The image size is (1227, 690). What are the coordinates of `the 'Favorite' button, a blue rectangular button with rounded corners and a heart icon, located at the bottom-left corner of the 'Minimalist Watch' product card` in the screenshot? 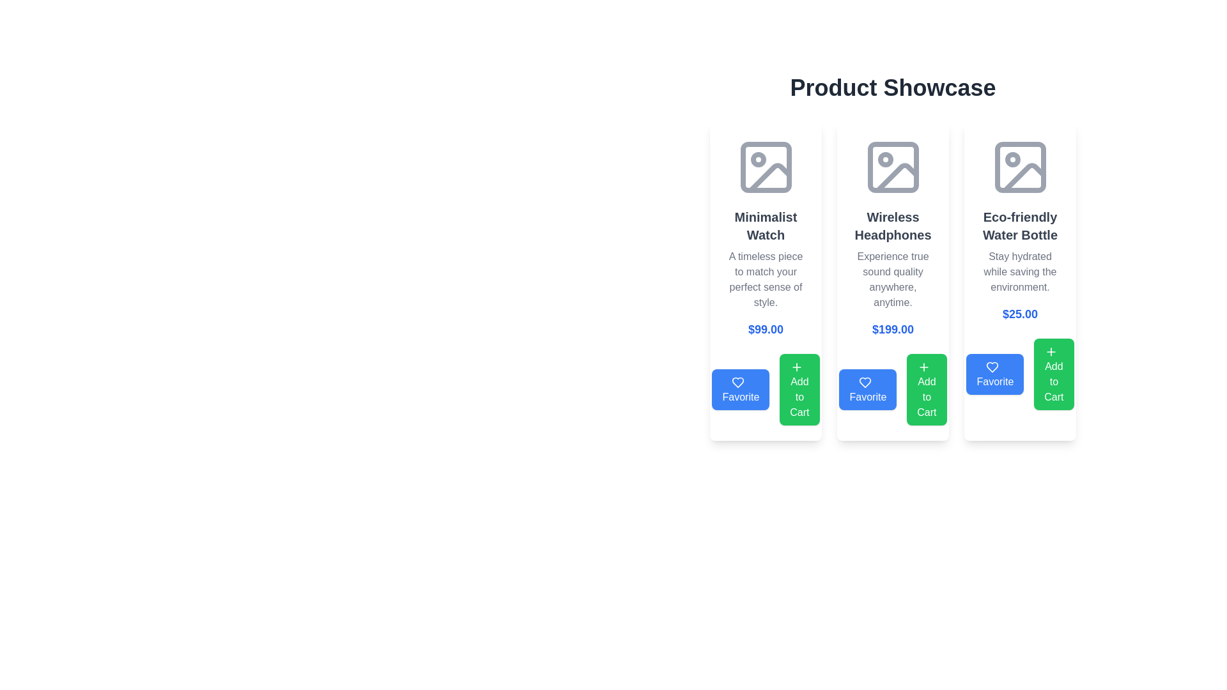 It's located at (766, 388).